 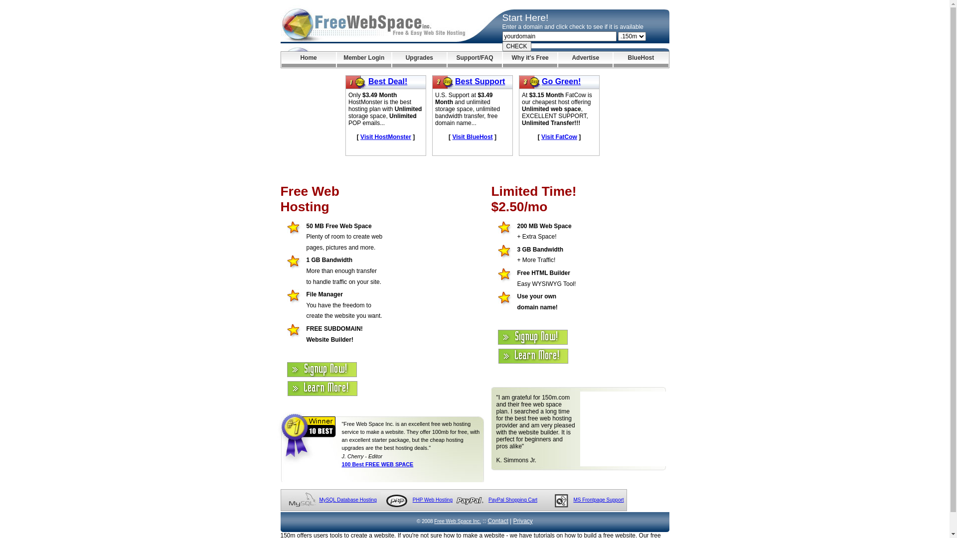 I want to click on 'MySQL Database Hosting', so click(x=347, y=500).